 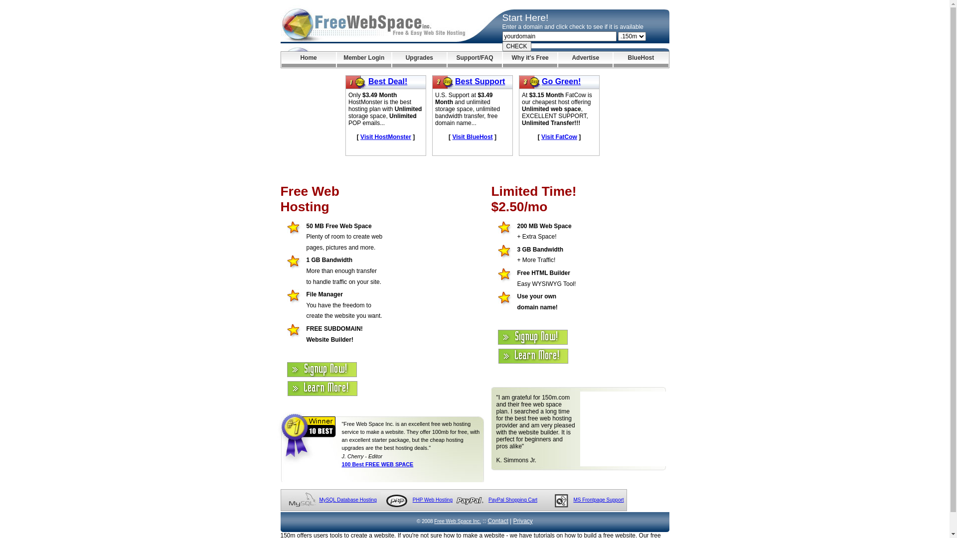 I want to click on 'MySQL Database Hosting', so click(x=347, y=500).